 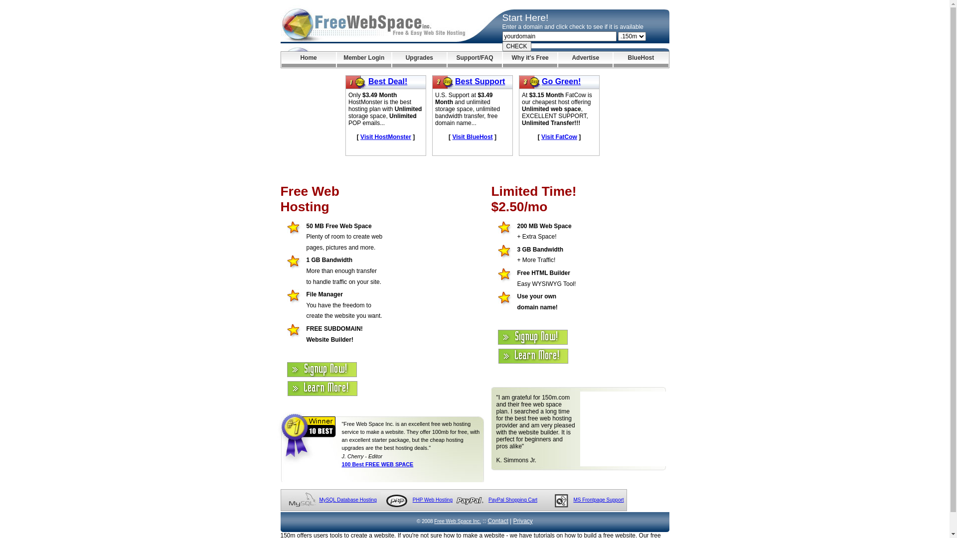 I want to click on 'MySQL Database Hosting', so click(x=347, y=500).